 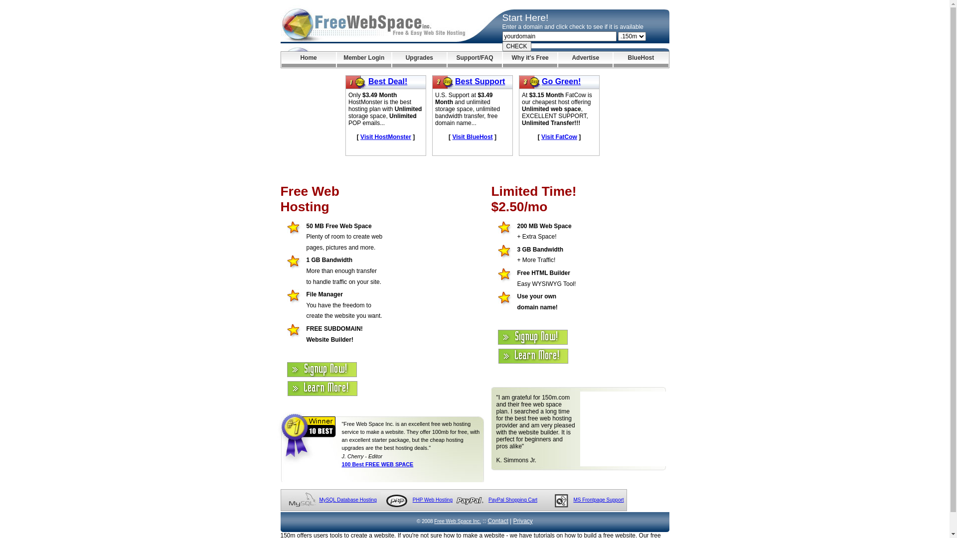 I want to click on 'MySQL Database Hosting', so click(x=347, y=500).